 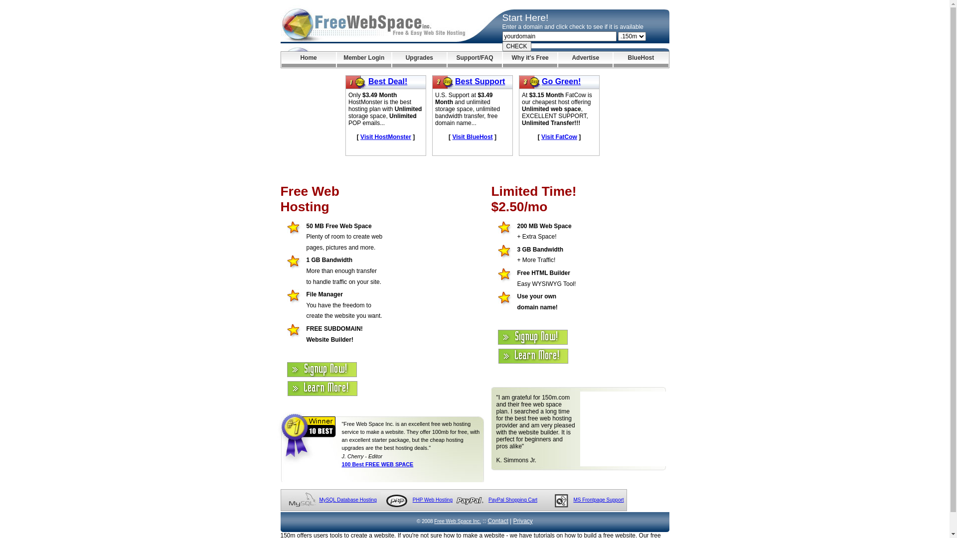 I want to click on 'MySQL Database Hosting', so click(x=347, y=500).